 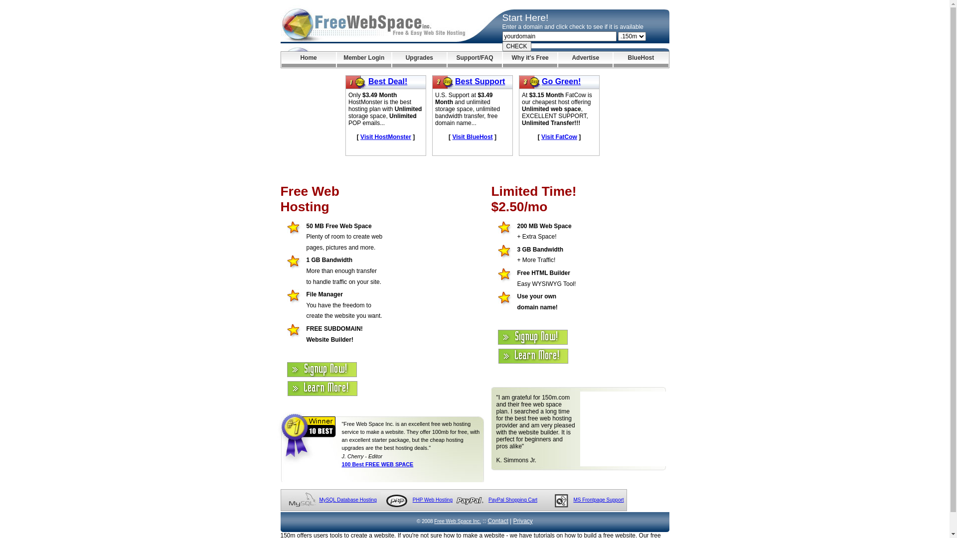 I want to click on 'MySQL Database Hosting', so click(x=347, y=500).